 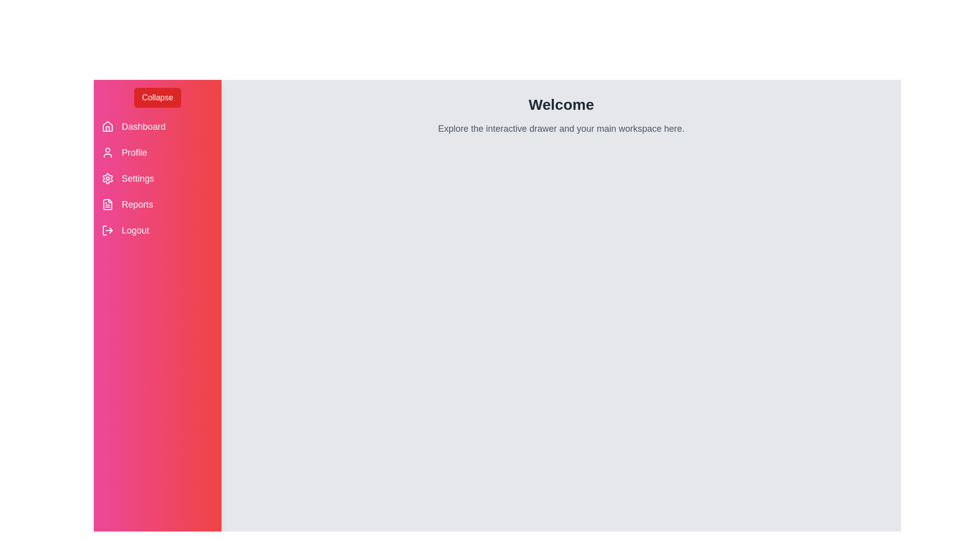 I want to click on the 'Collapse' button to toggle the navigation drawer, so click(x=157, y=98).